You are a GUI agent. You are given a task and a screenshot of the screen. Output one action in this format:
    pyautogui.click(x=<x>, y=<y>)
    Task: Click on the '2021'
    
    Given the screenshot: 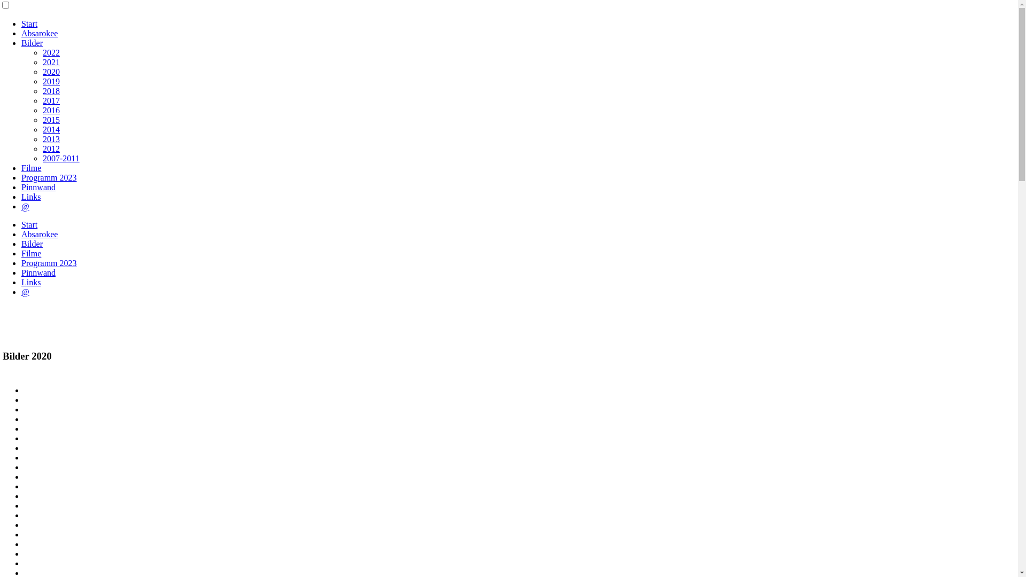 What is the action you would take?
    pyautogui.click(x=51, y=62)
    